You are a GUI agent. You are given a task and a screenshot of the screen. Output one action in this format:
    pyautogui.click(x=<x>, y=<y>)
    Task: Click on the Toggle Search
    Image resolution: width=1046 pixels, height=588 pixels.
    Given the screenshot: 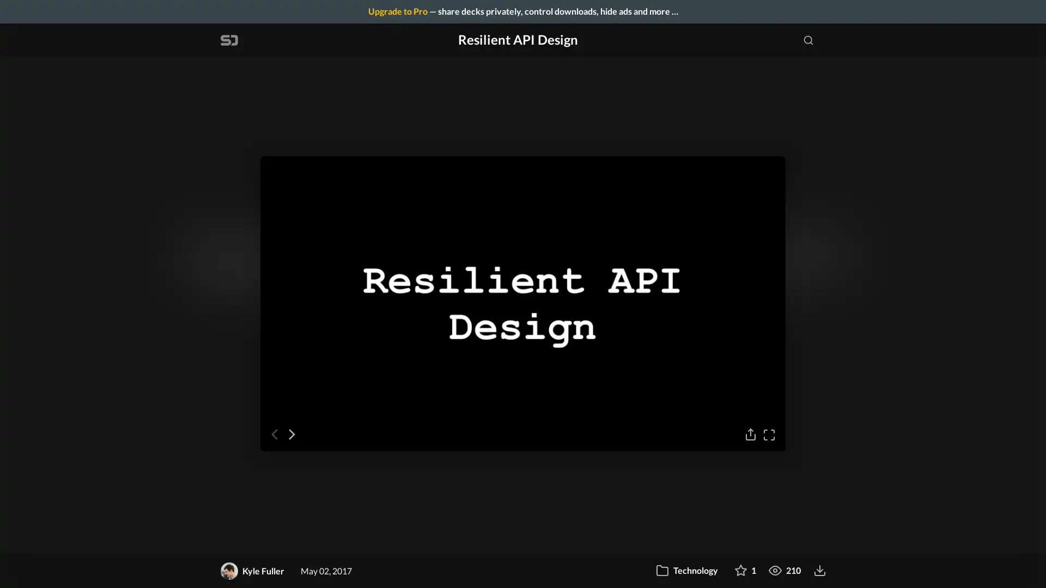 What is the action you would take?
    pyautogui.click(x=808, y=39)
    